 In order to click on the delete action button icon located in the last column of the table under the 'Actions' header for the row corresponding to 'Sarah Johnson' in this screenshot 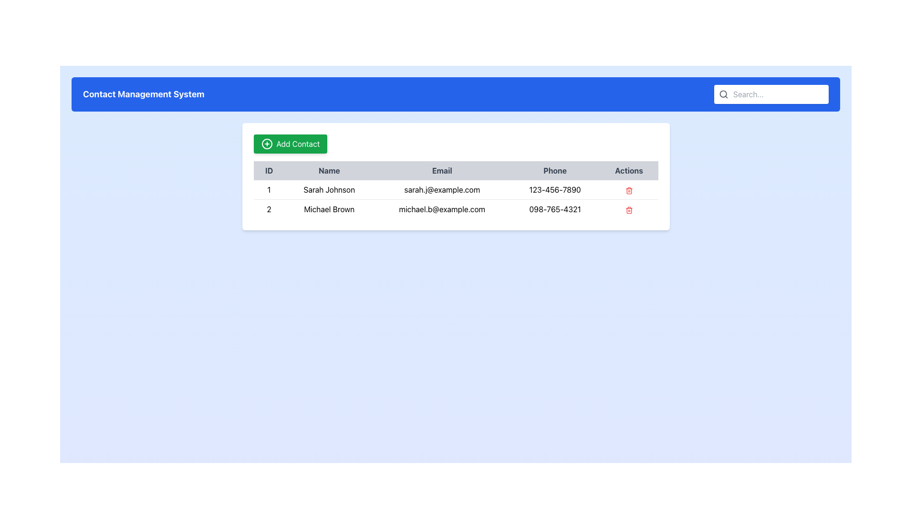, I will do `click(629, 189)`.